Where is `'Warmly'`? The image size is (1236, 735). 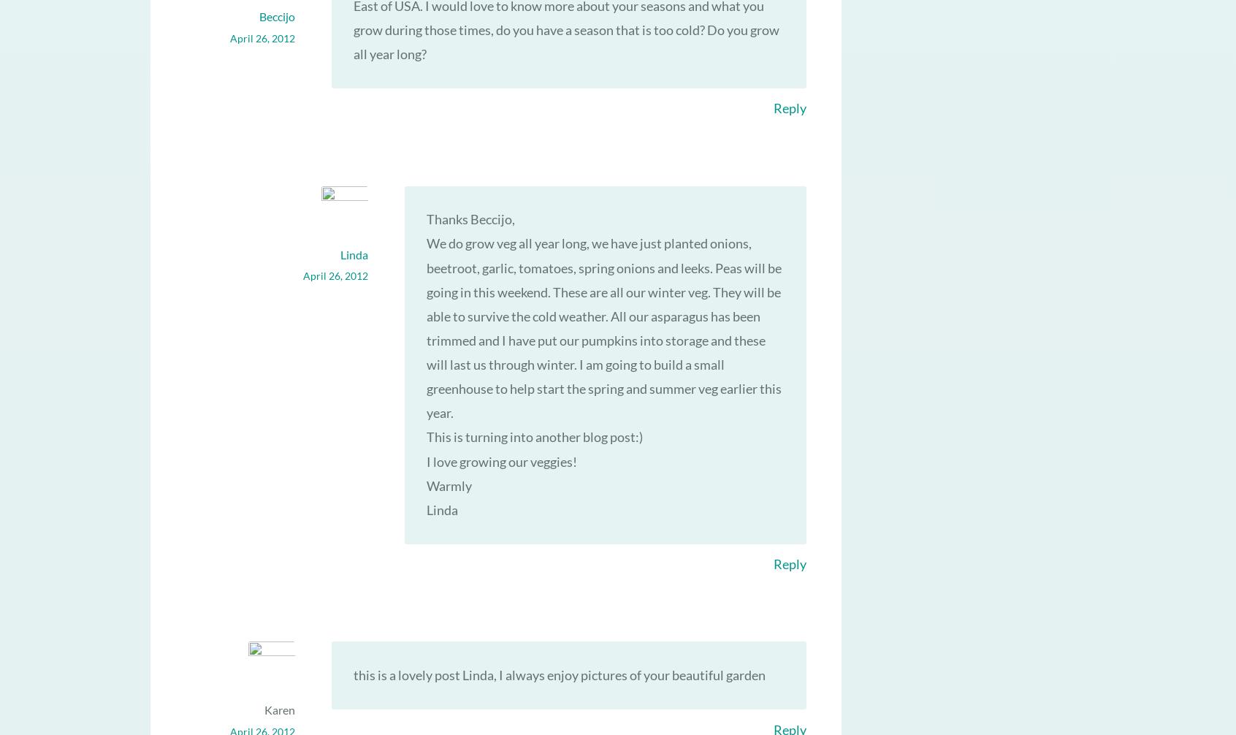 'Warmly' is located at coordinates (425, 484).